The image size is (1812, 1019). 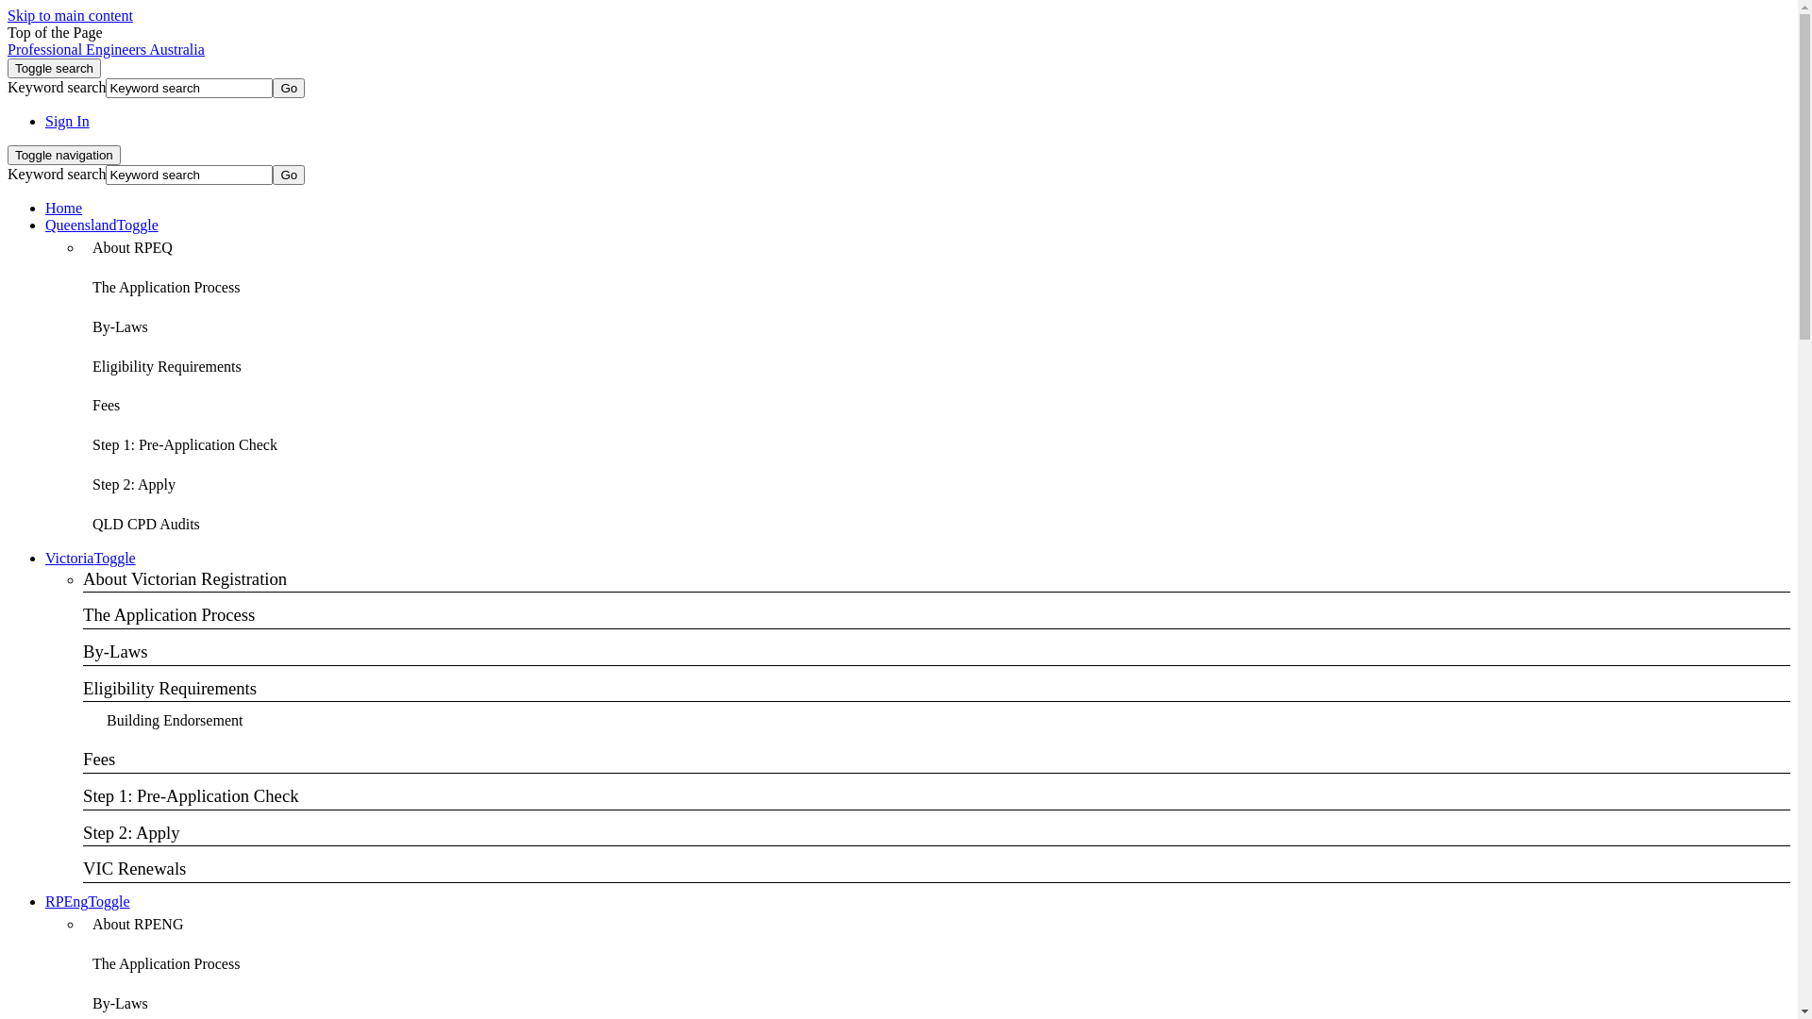 What do you see at coordinates (67, 121) in the screenshot?
I see `'Sign In'` at bounding box center [67, 121].